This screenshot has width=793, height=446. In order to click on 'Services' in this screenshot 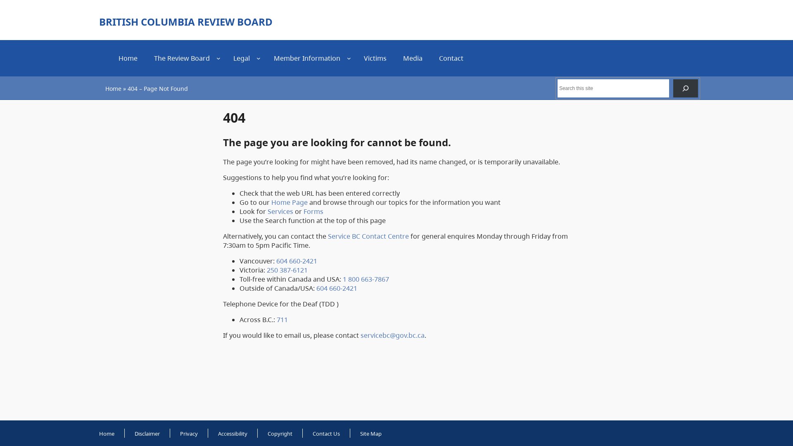, I will do `click(268, 211)`.